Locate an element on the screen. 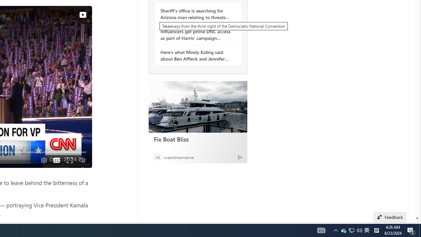 This screenshot has height=237, width=421. 'Feedback' is located at coordinates (390, 217).